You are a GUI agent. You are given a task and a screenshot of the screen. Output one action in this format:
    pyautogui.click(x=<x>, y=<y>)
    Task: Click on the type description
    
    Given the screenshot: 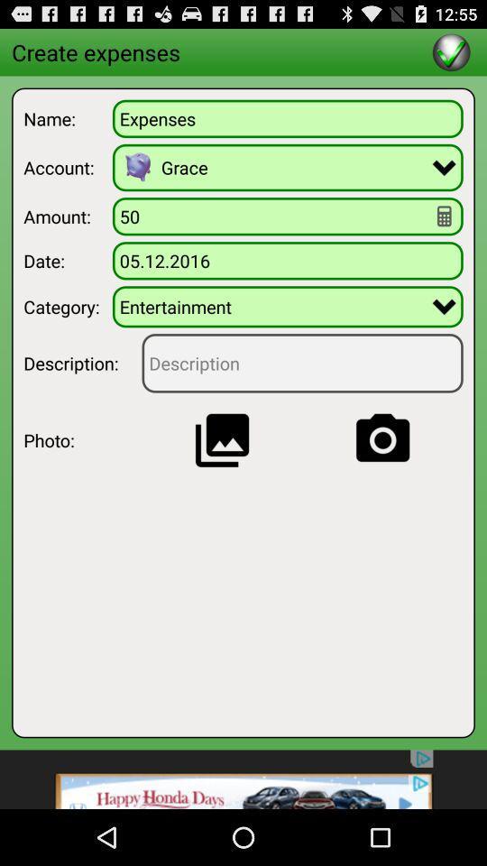 What is the action you would take?
    pyautogui.click(x=302, y=362)
    